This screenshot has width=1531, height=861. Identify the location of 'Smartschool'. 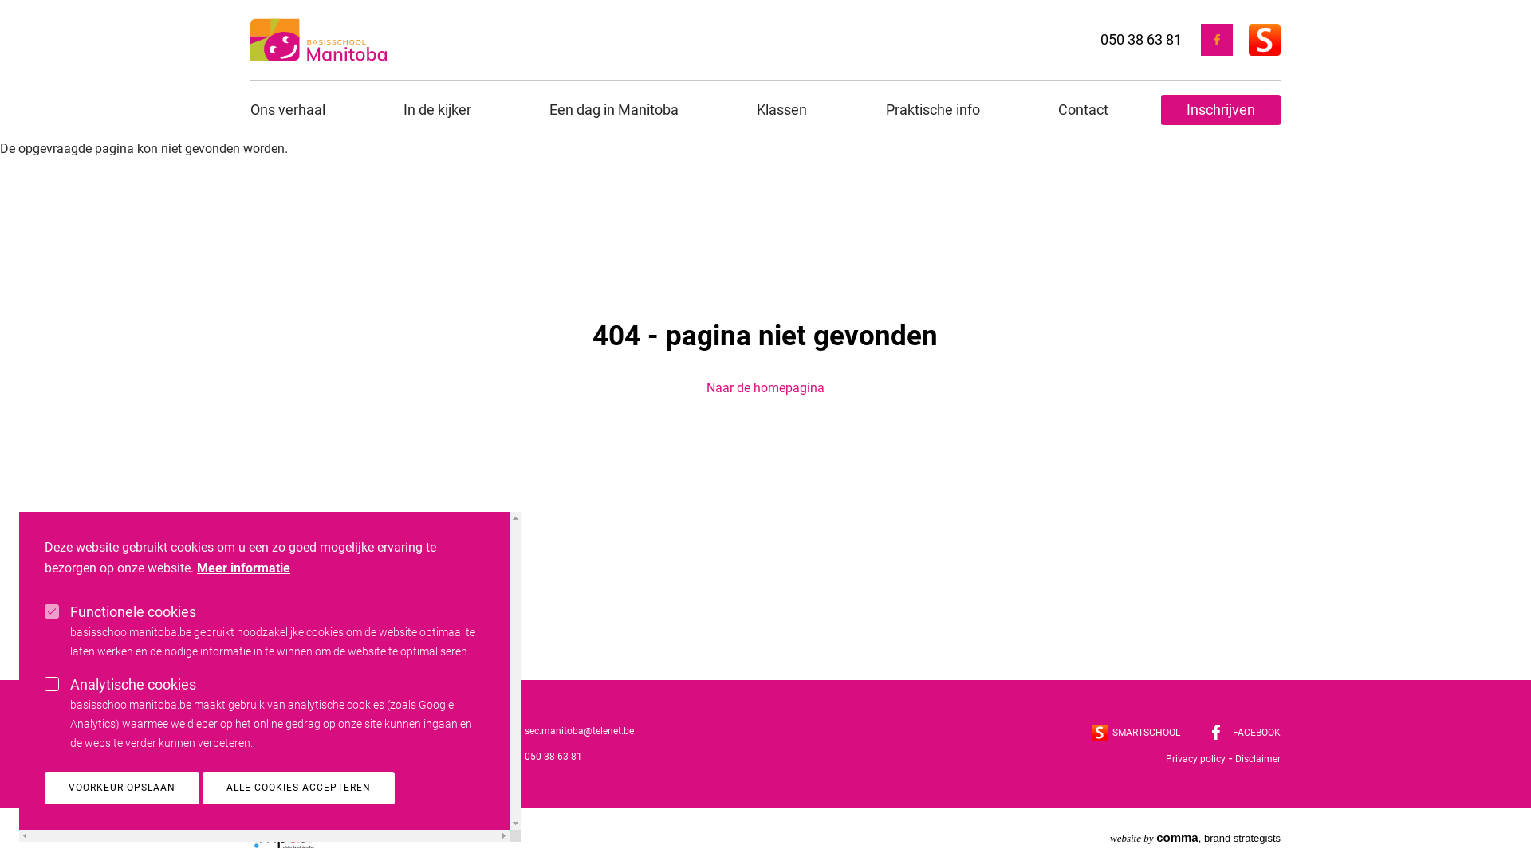
(1098, 732).